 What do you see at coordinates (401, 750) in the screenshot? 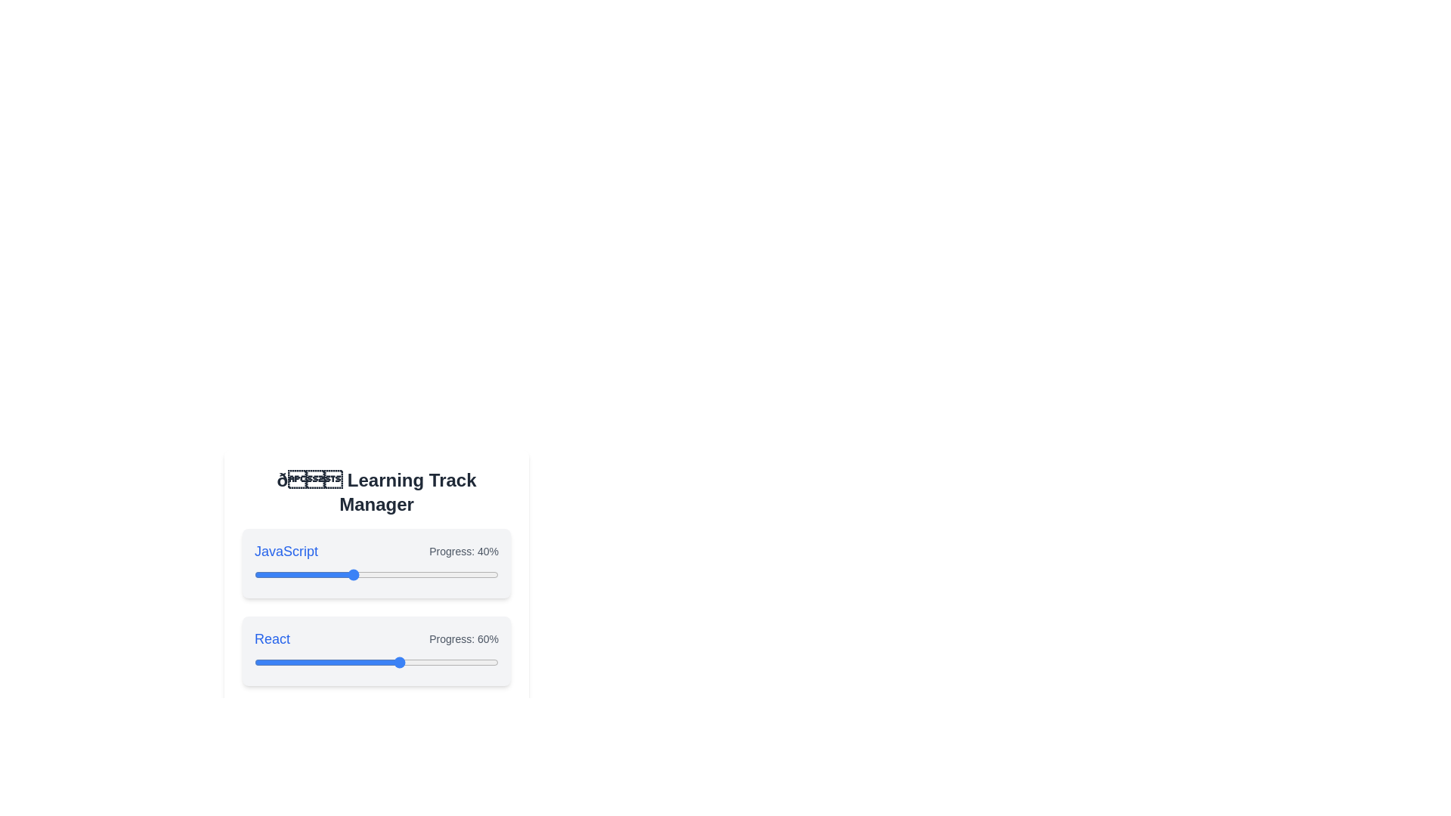
I see `the slider` at bounding box center [401, 750].